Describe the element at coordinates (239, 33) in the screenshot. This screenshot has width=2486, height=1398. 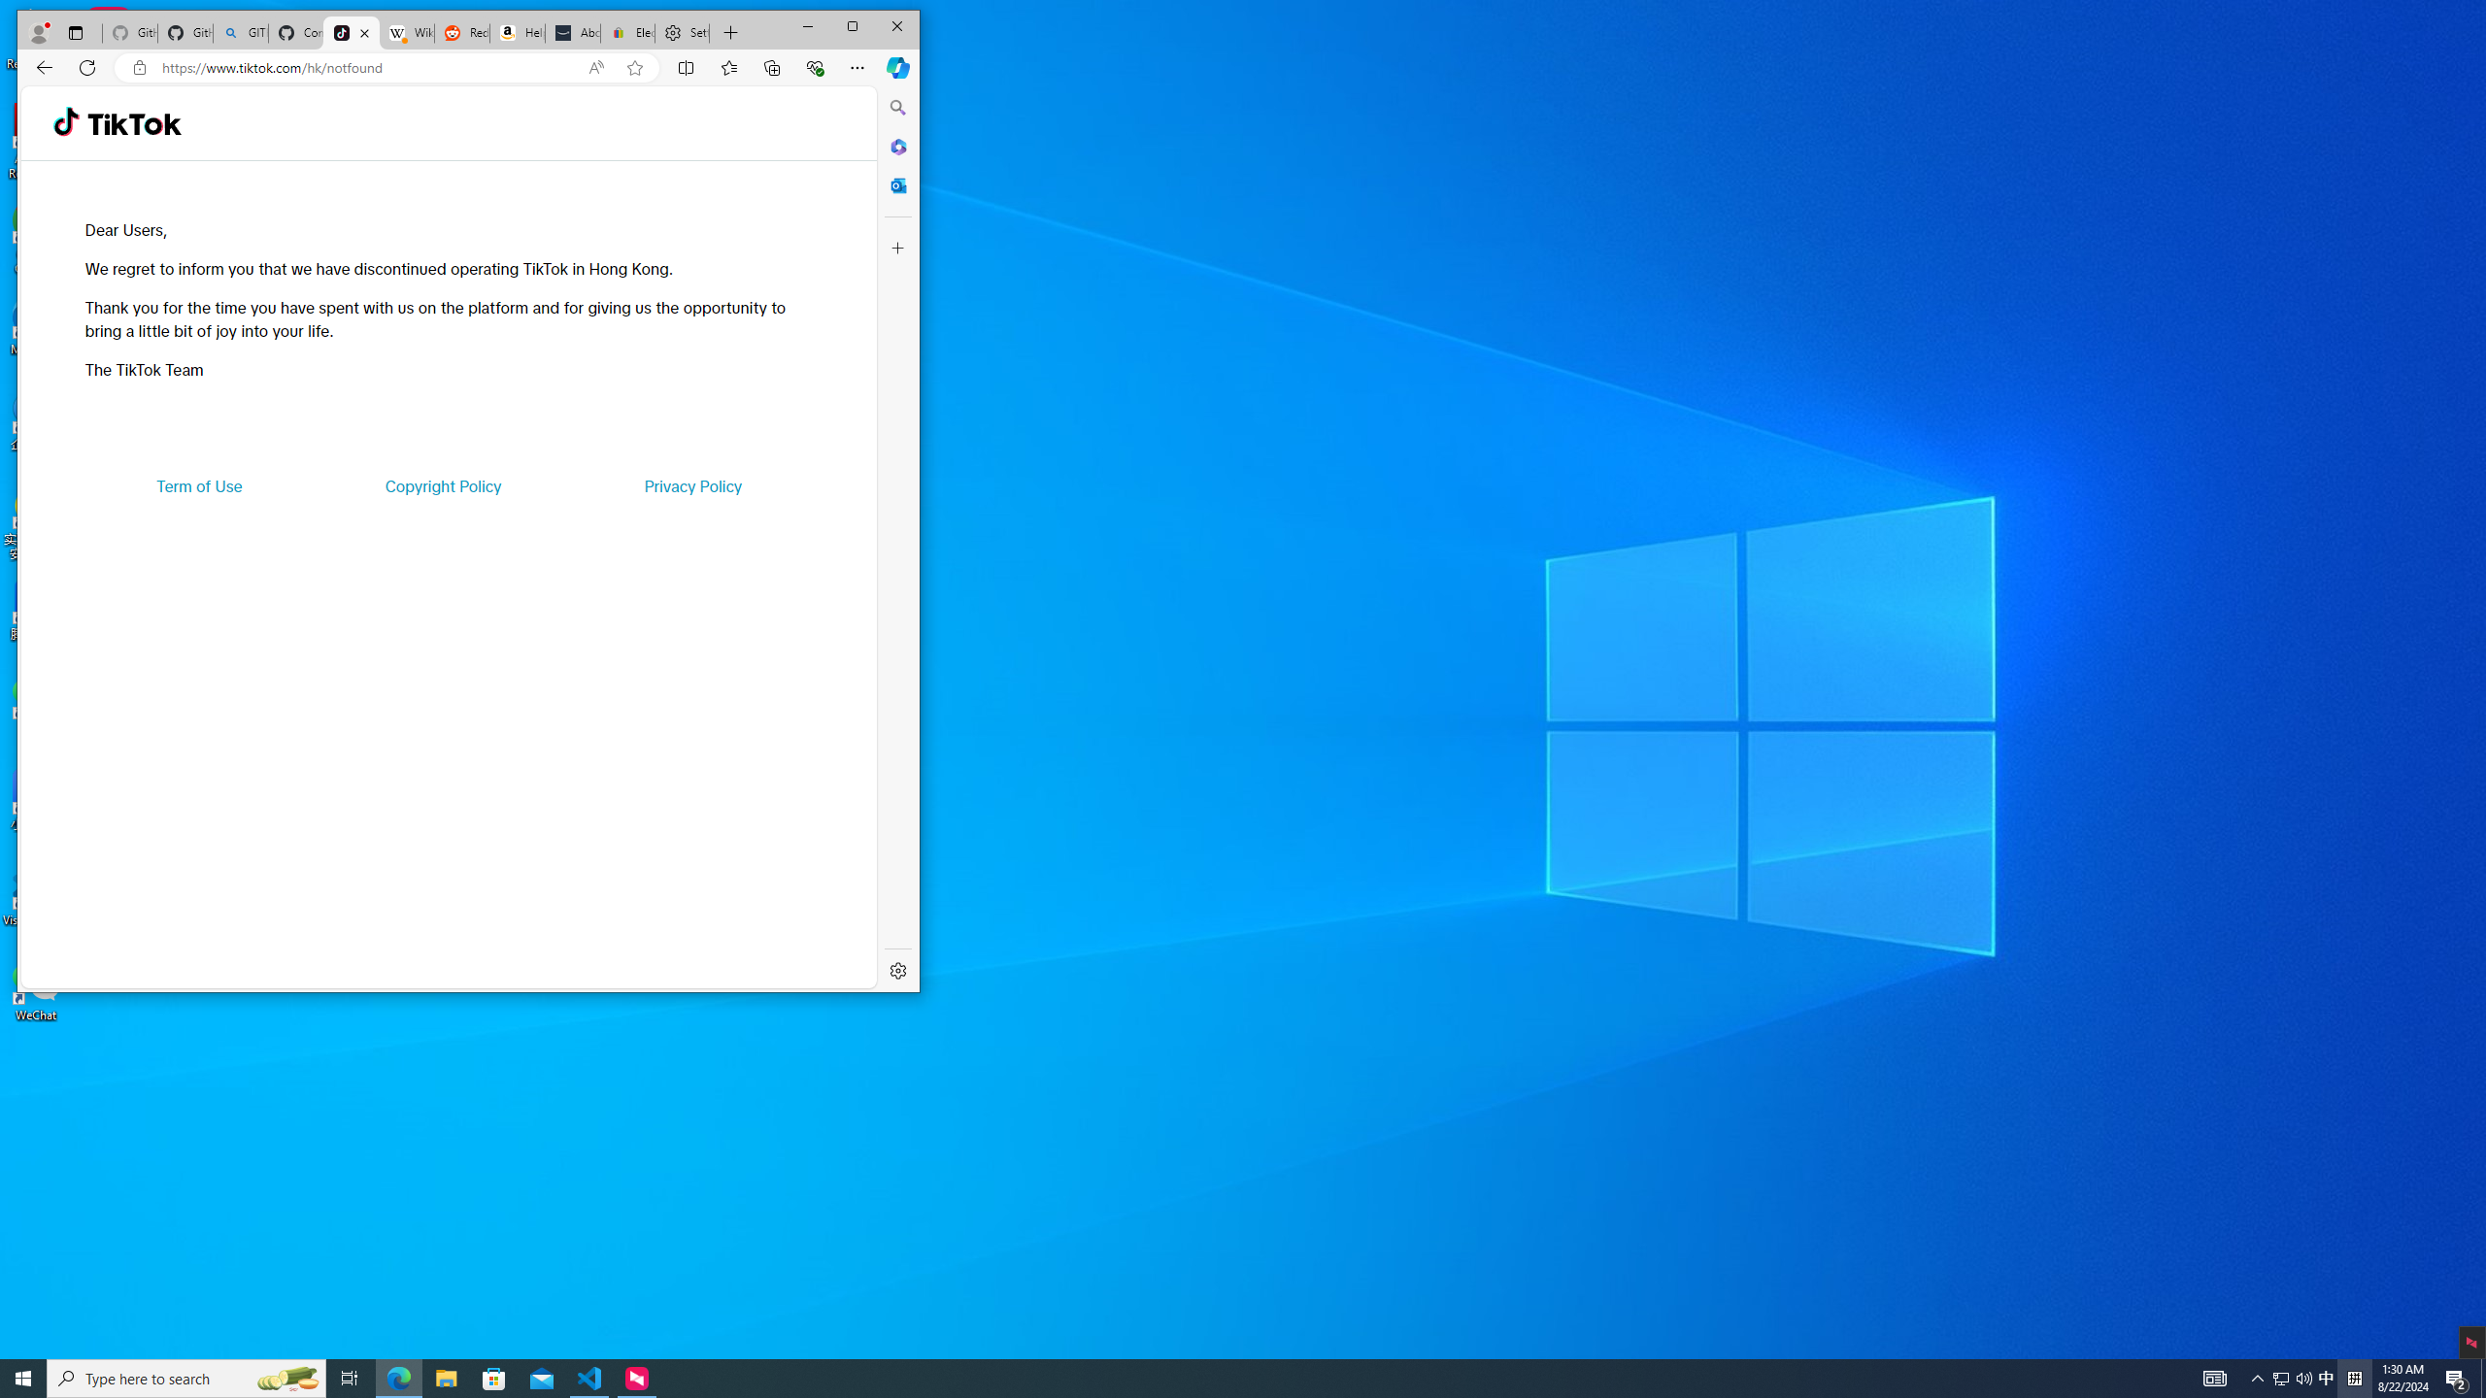
I see `'GITHUB - Search'` at that location.